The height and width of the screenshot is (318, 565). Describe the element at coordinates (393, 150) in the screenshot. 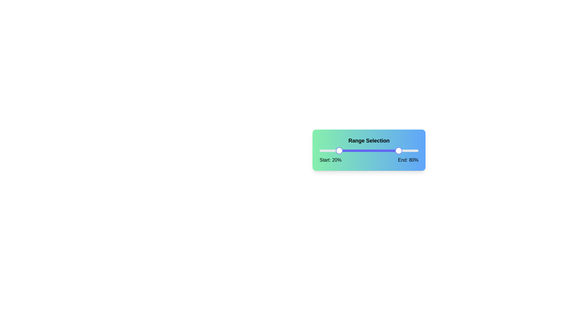

I see `the end value of the range slider` at that location.